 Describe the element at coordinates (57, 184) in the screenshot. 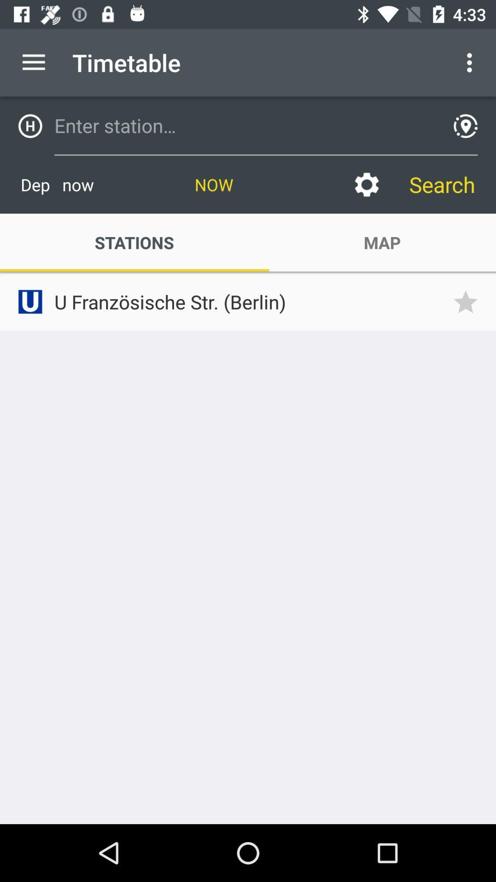

I see `the icon to the left of the now icon` at that location.